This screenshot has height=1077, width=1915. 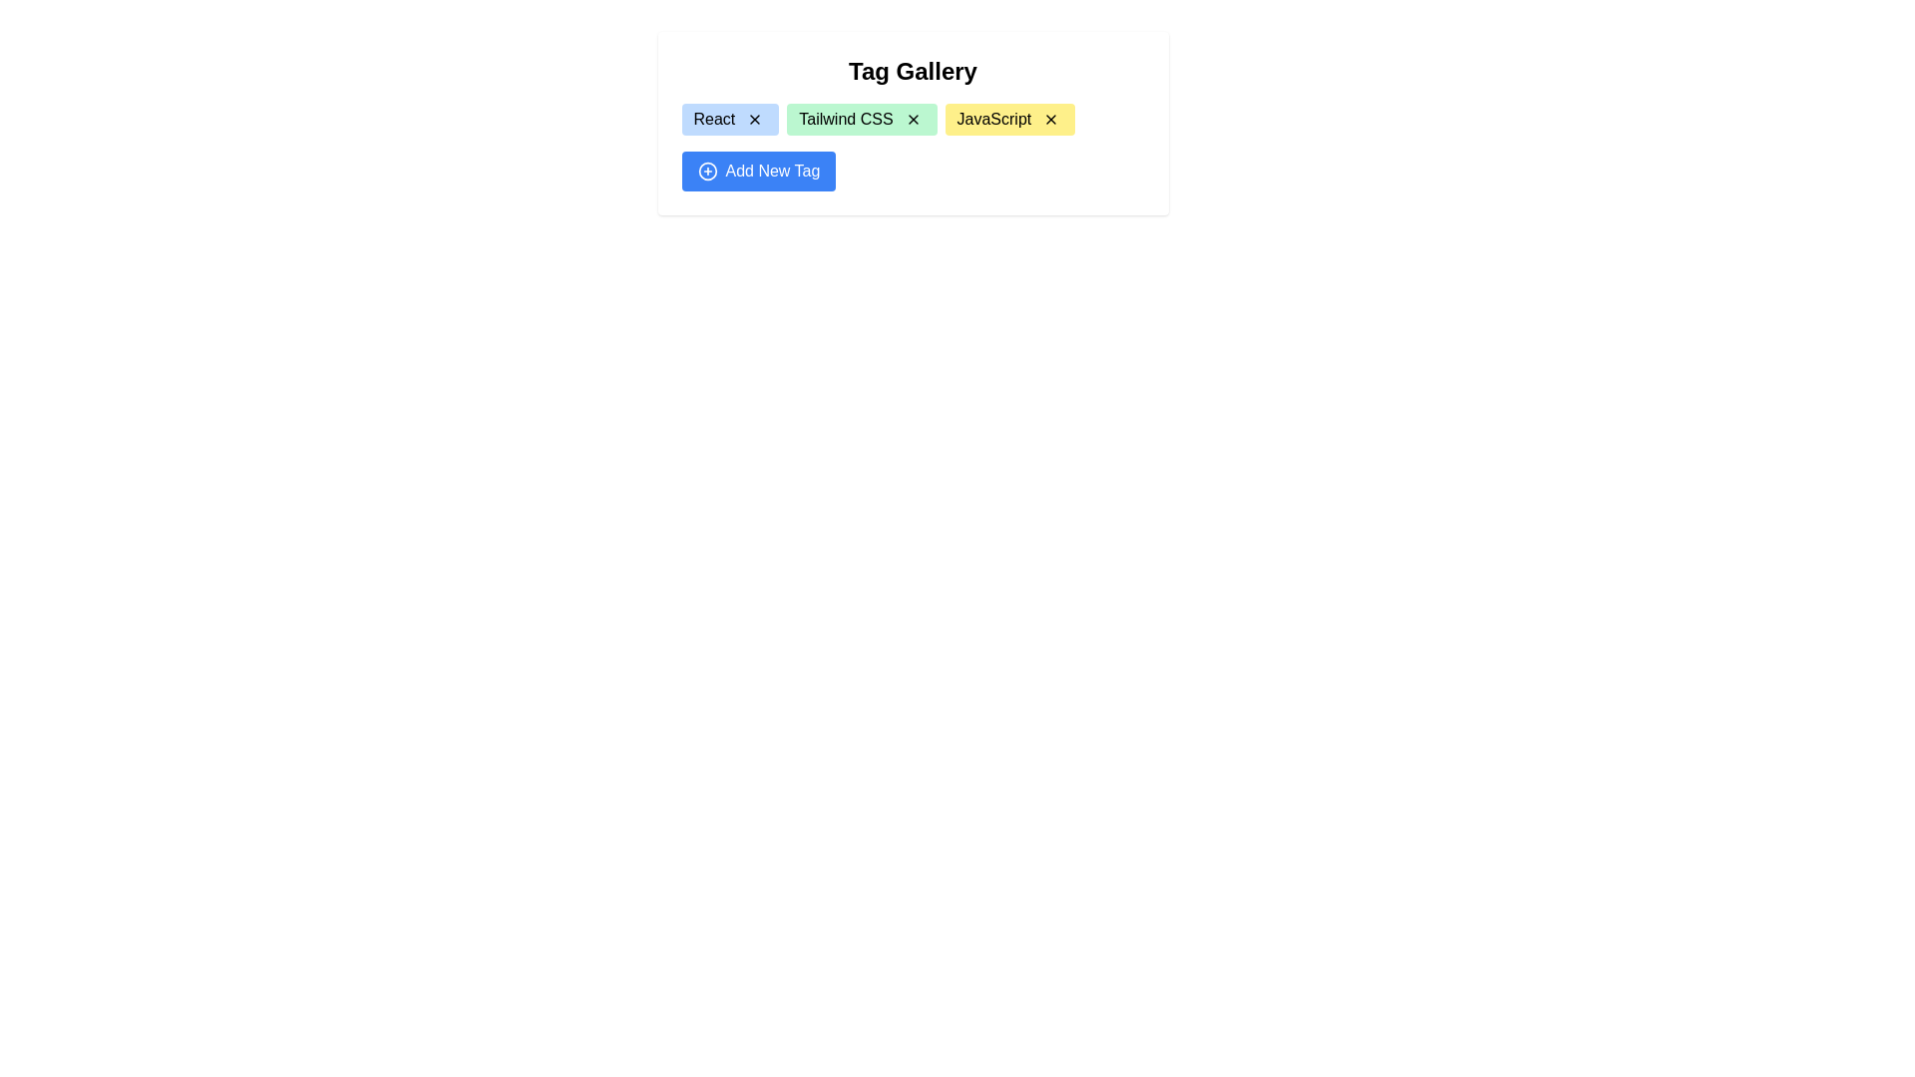 What do you see at coordinates (754, 119) in the screenshot?
I see `the Close/Remove icon button, which is a cross icon within a small interactive button adjacent to the 'React' tag in the 'Tag Gallery.'` at bounding box center [754, 119].